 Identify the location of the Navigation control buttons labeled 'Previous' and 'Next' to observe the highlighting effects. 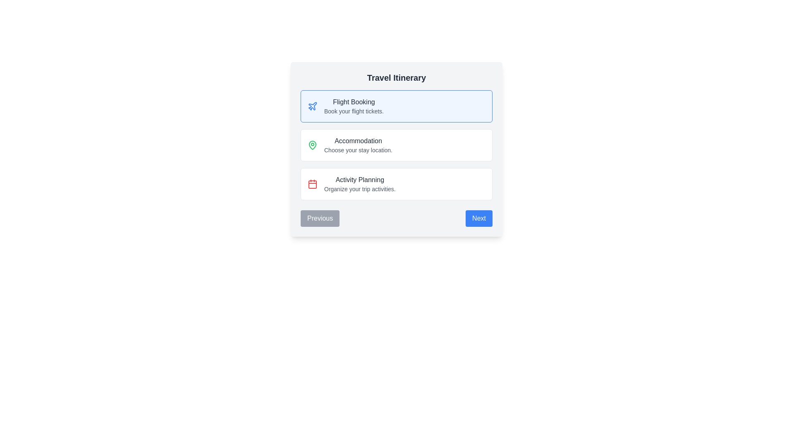
(396, 218).